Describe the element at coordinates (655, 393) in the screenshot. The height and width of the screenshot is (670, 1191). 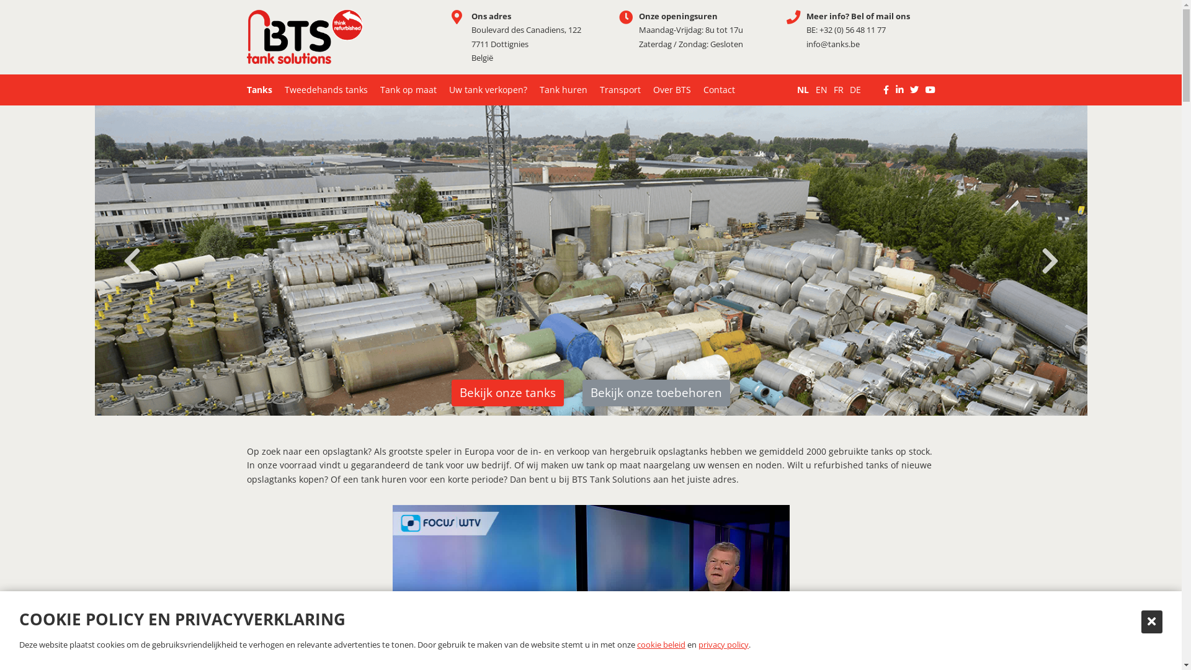
I see `'Bekijk onze toebehoren'` at that location.